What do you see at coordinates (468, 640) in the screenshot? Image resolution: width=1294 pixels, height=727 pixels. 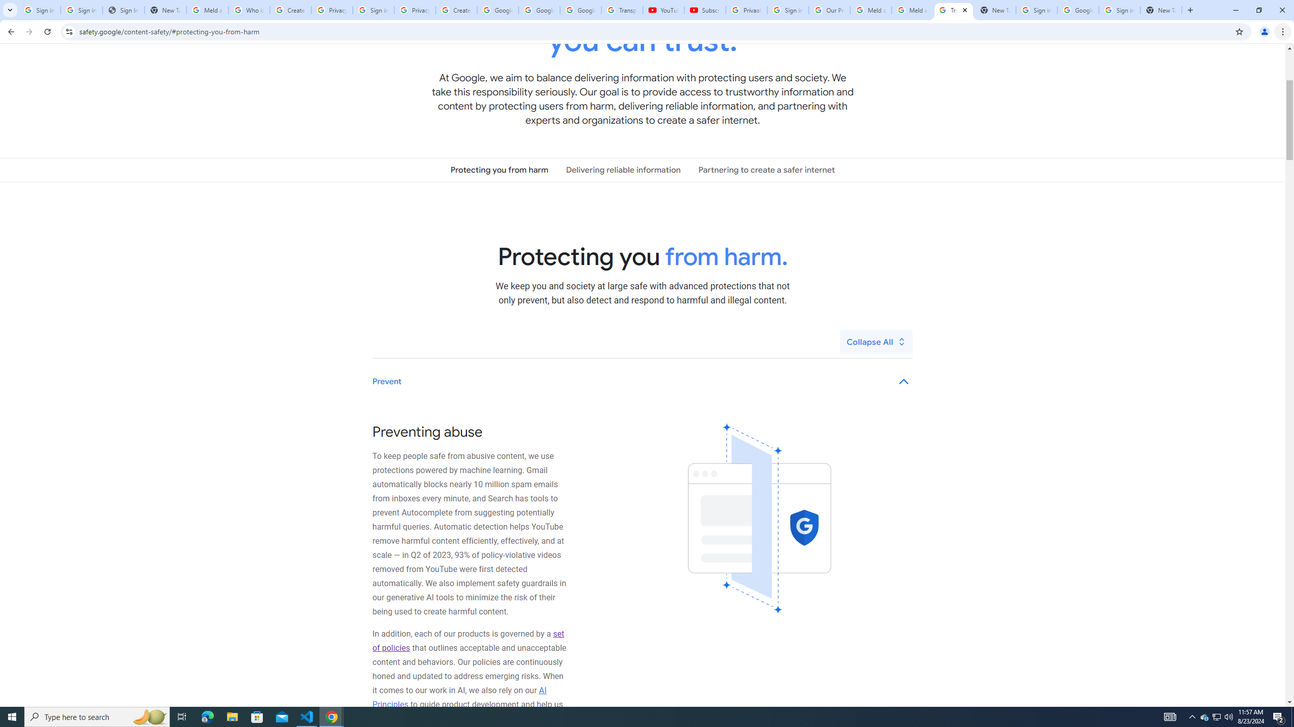 I see `'set of policies'` at bounding box center [468, 640].